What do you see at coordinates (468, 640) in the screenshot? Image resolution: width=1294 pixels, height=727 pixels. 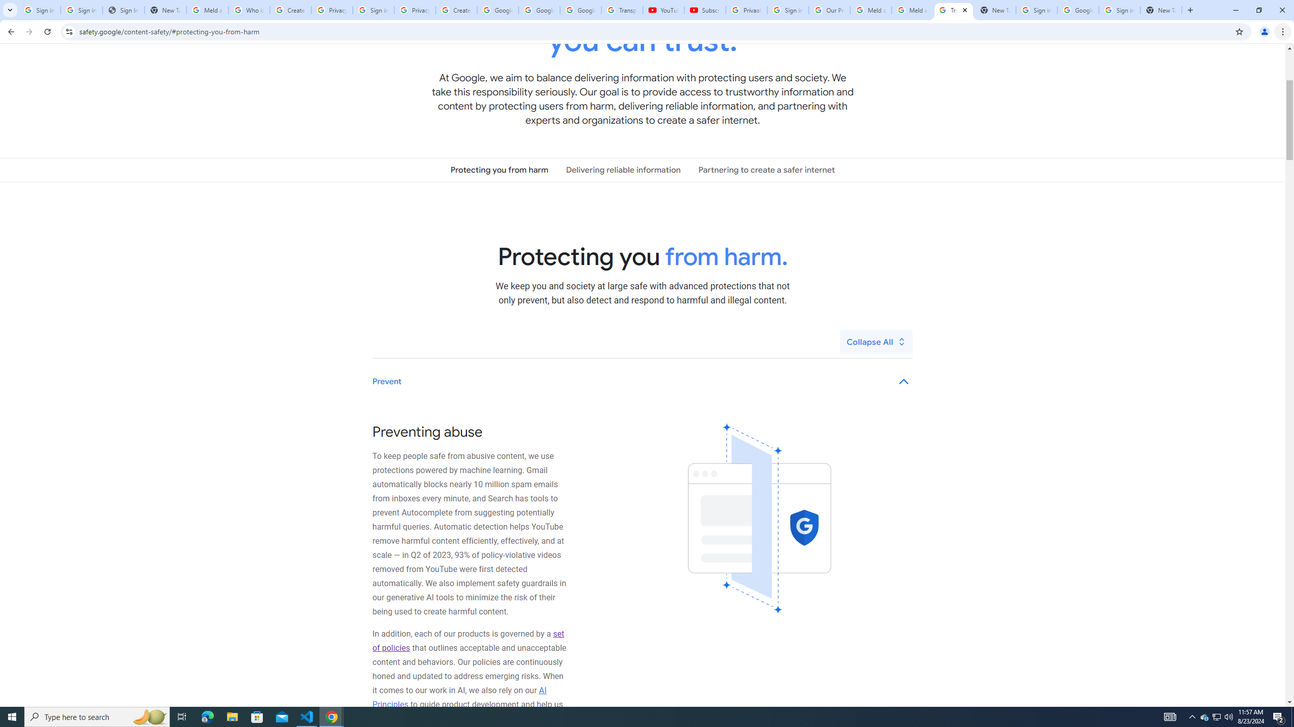 I see `'set of policies'` at bounding box center [468, 640].